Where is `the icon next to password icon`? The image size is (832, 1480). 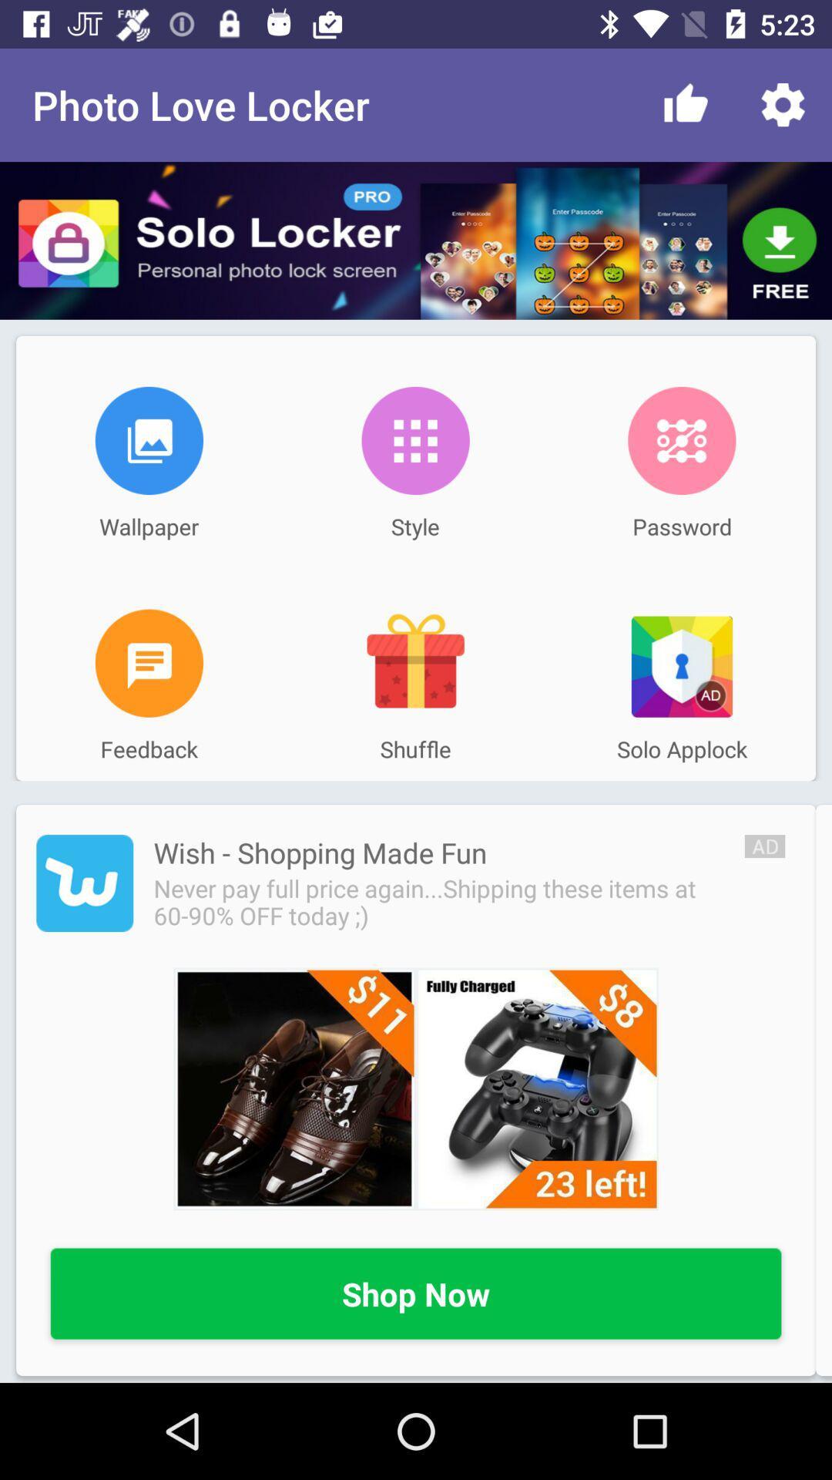
the icon next to password icon is located at coordinates (414, 439).